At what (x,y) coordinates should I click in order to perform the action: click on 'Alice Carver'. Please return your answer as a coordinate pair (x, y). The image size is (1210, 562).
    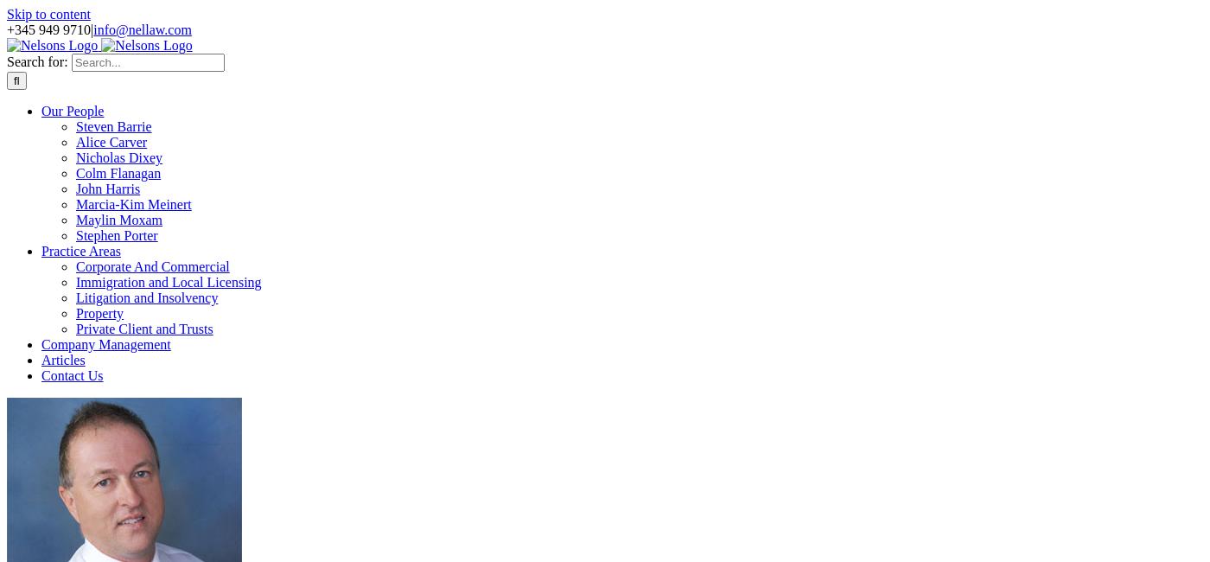
    Looking at the image, I should click on (111, 142).